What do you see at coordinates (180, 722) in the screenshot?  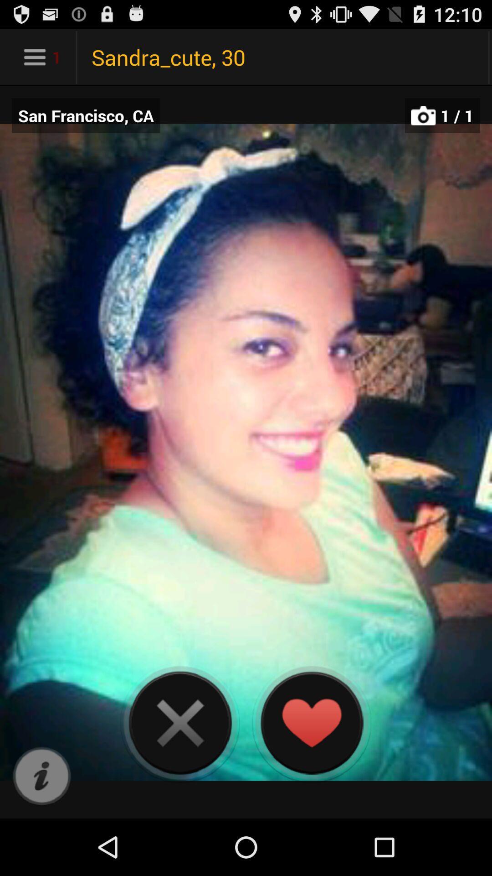 I see `cancel` at bounding box center [180, 722].